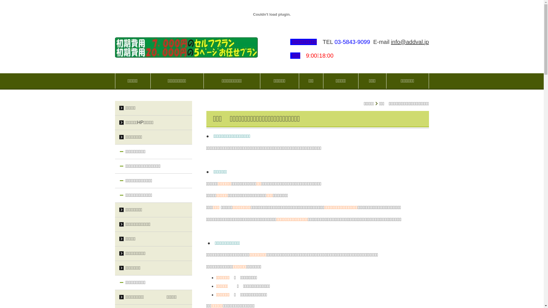 The image size is (548, 308). Describe the element at coordinates (410, 41) in the screenshot. I see `'info@addval.jp'` at that location.